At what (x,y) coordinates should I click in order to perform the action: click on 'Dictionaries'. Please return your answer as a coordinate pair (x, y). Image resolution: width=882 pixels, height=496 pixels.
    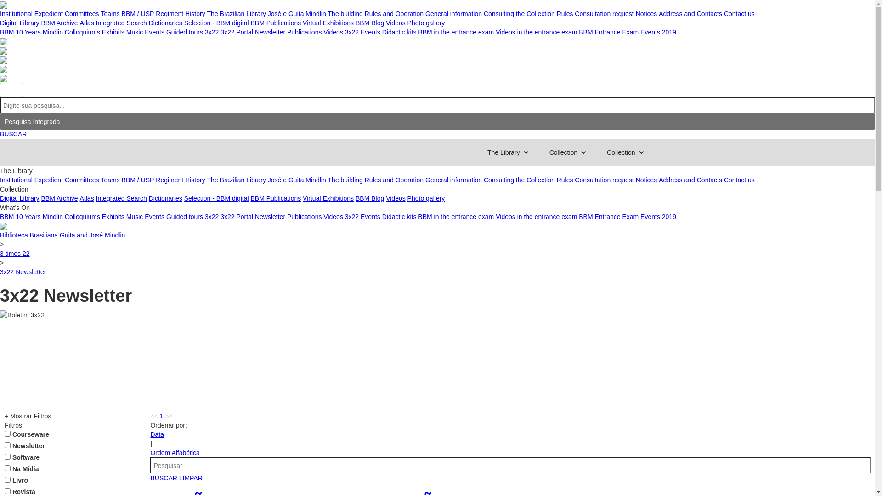
    Looking at the image, I should click on (149, 23).